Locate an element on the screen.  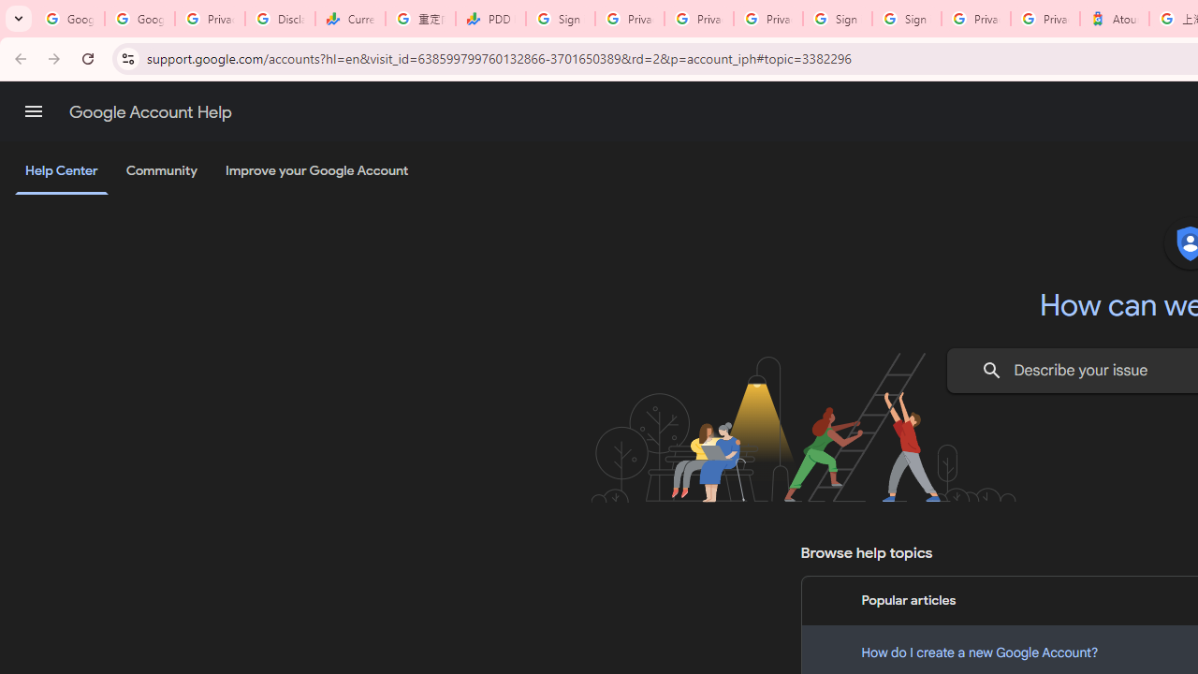
'Sign in - Google Accounts' is located at coordinates (836, 19).